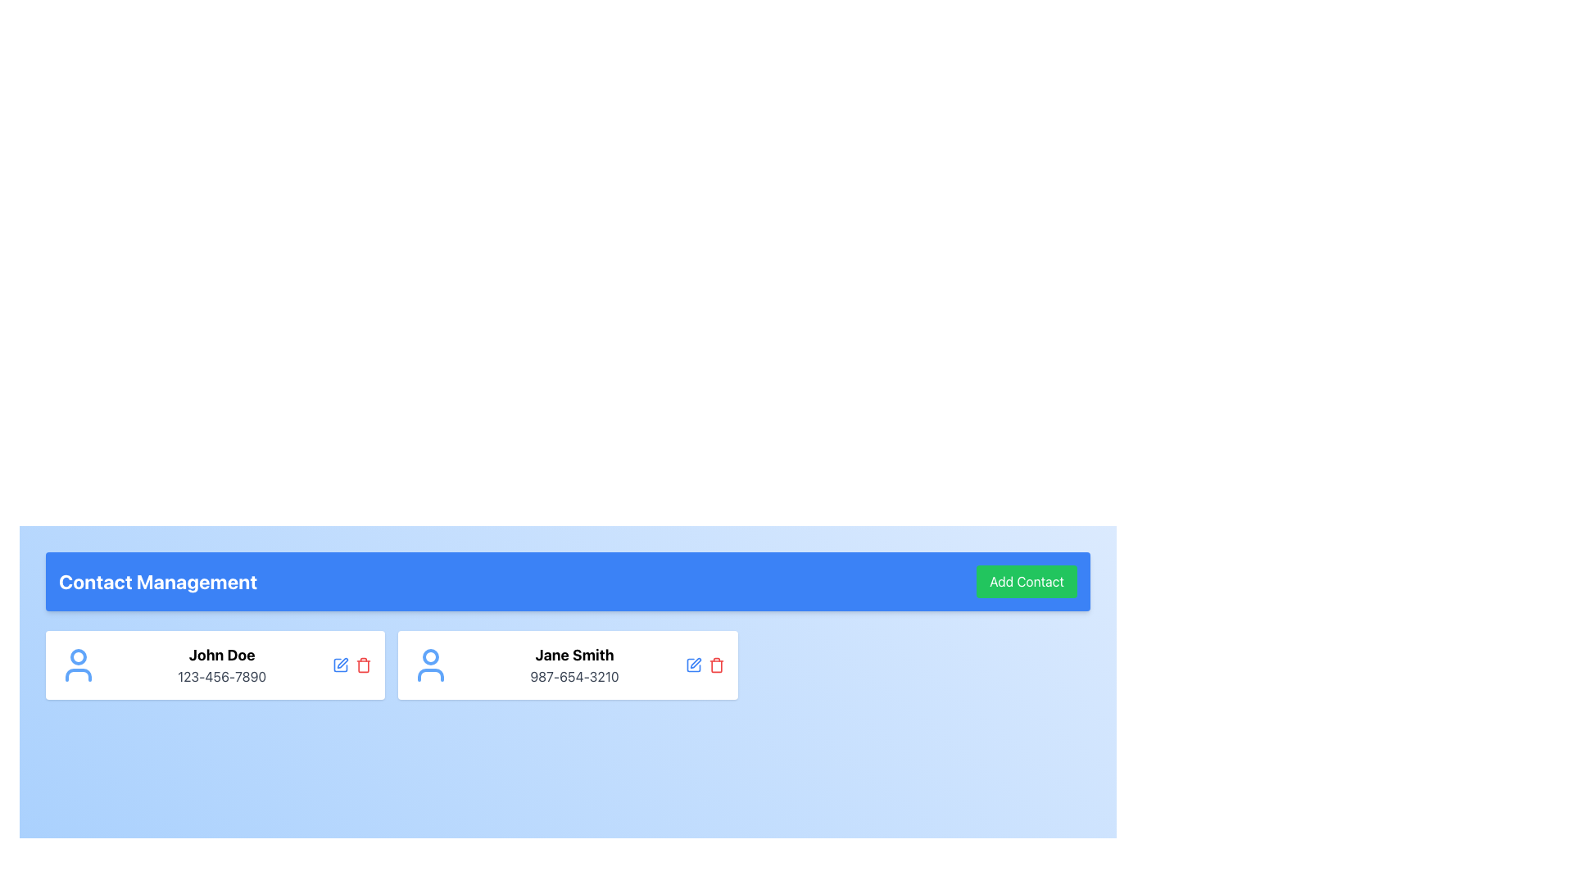 The height and width of the screenshot is (885, 1573). Describe the element at coordinates (221, 665) in the screenshot. I see `contact's name and phone number displayed in the text block, which is positioned on the left side of a card layout, between an icon and action icons` at that location.